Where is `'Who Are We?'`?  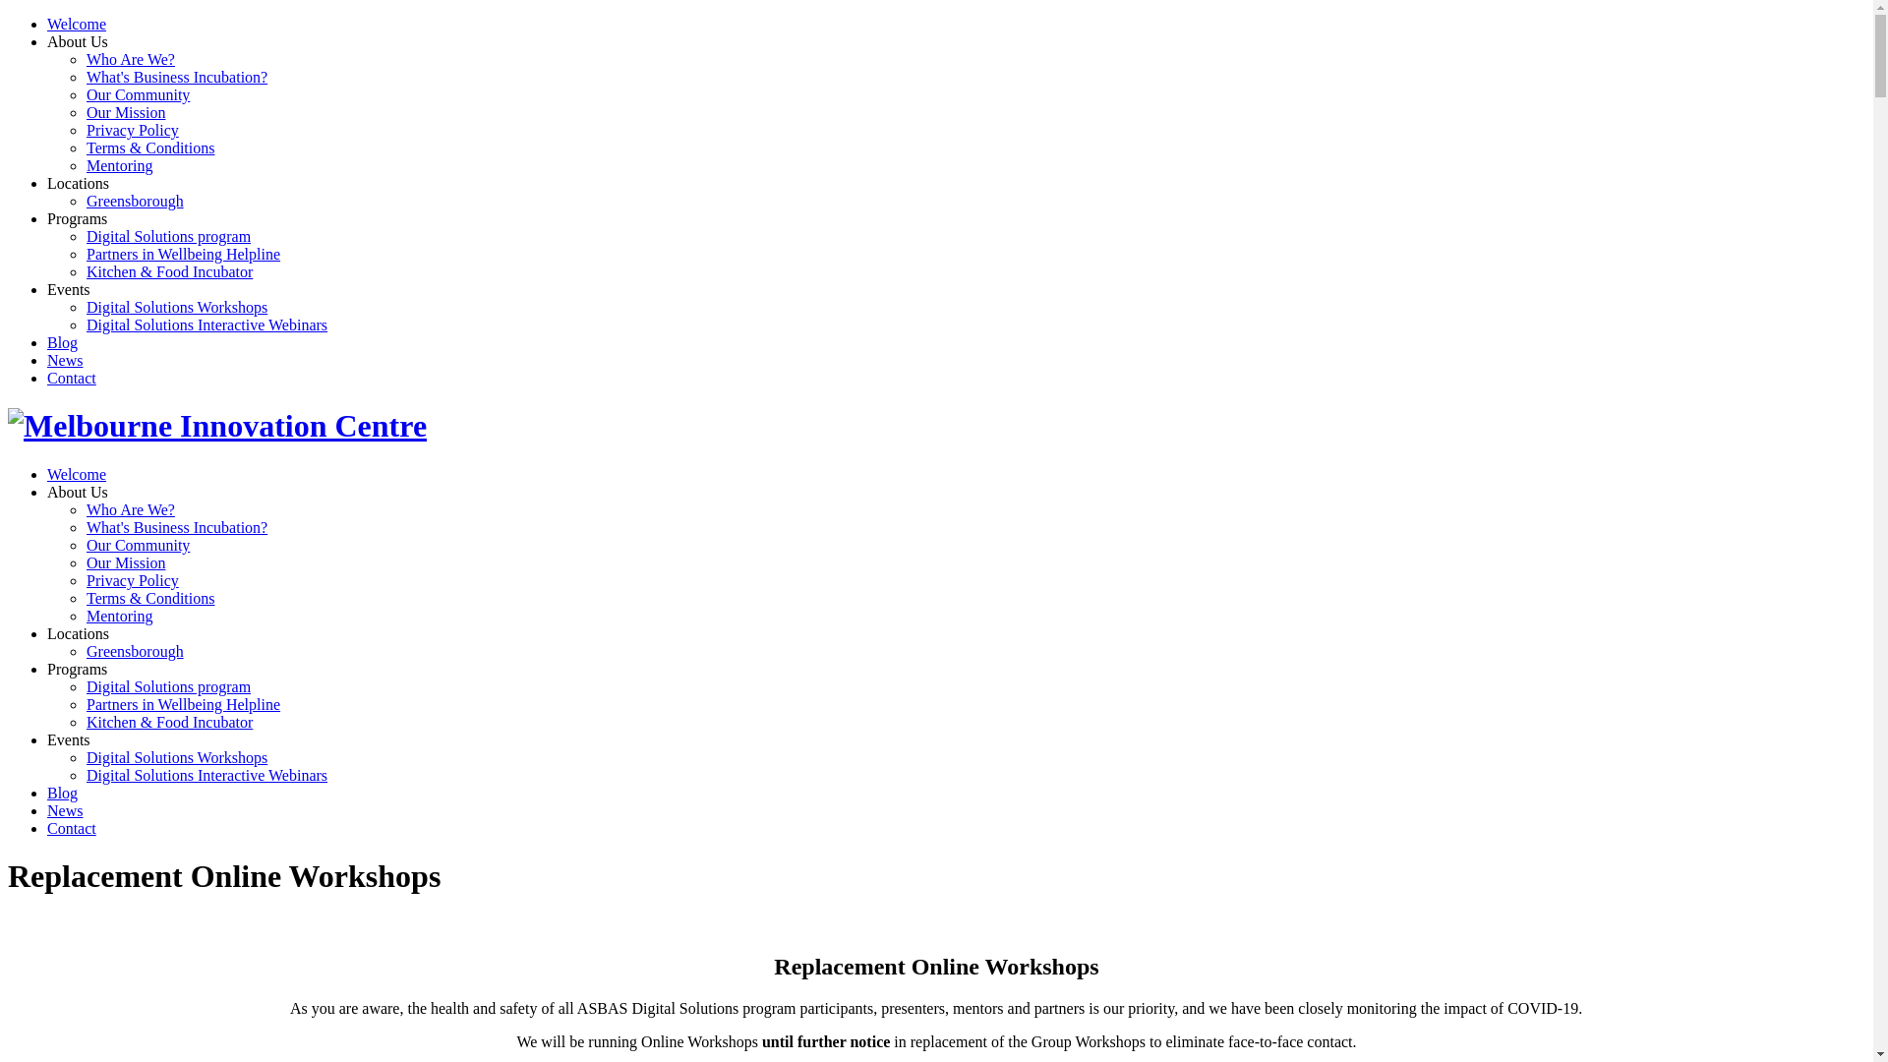
'Who Are We?' is located at coordinates (130, 58).